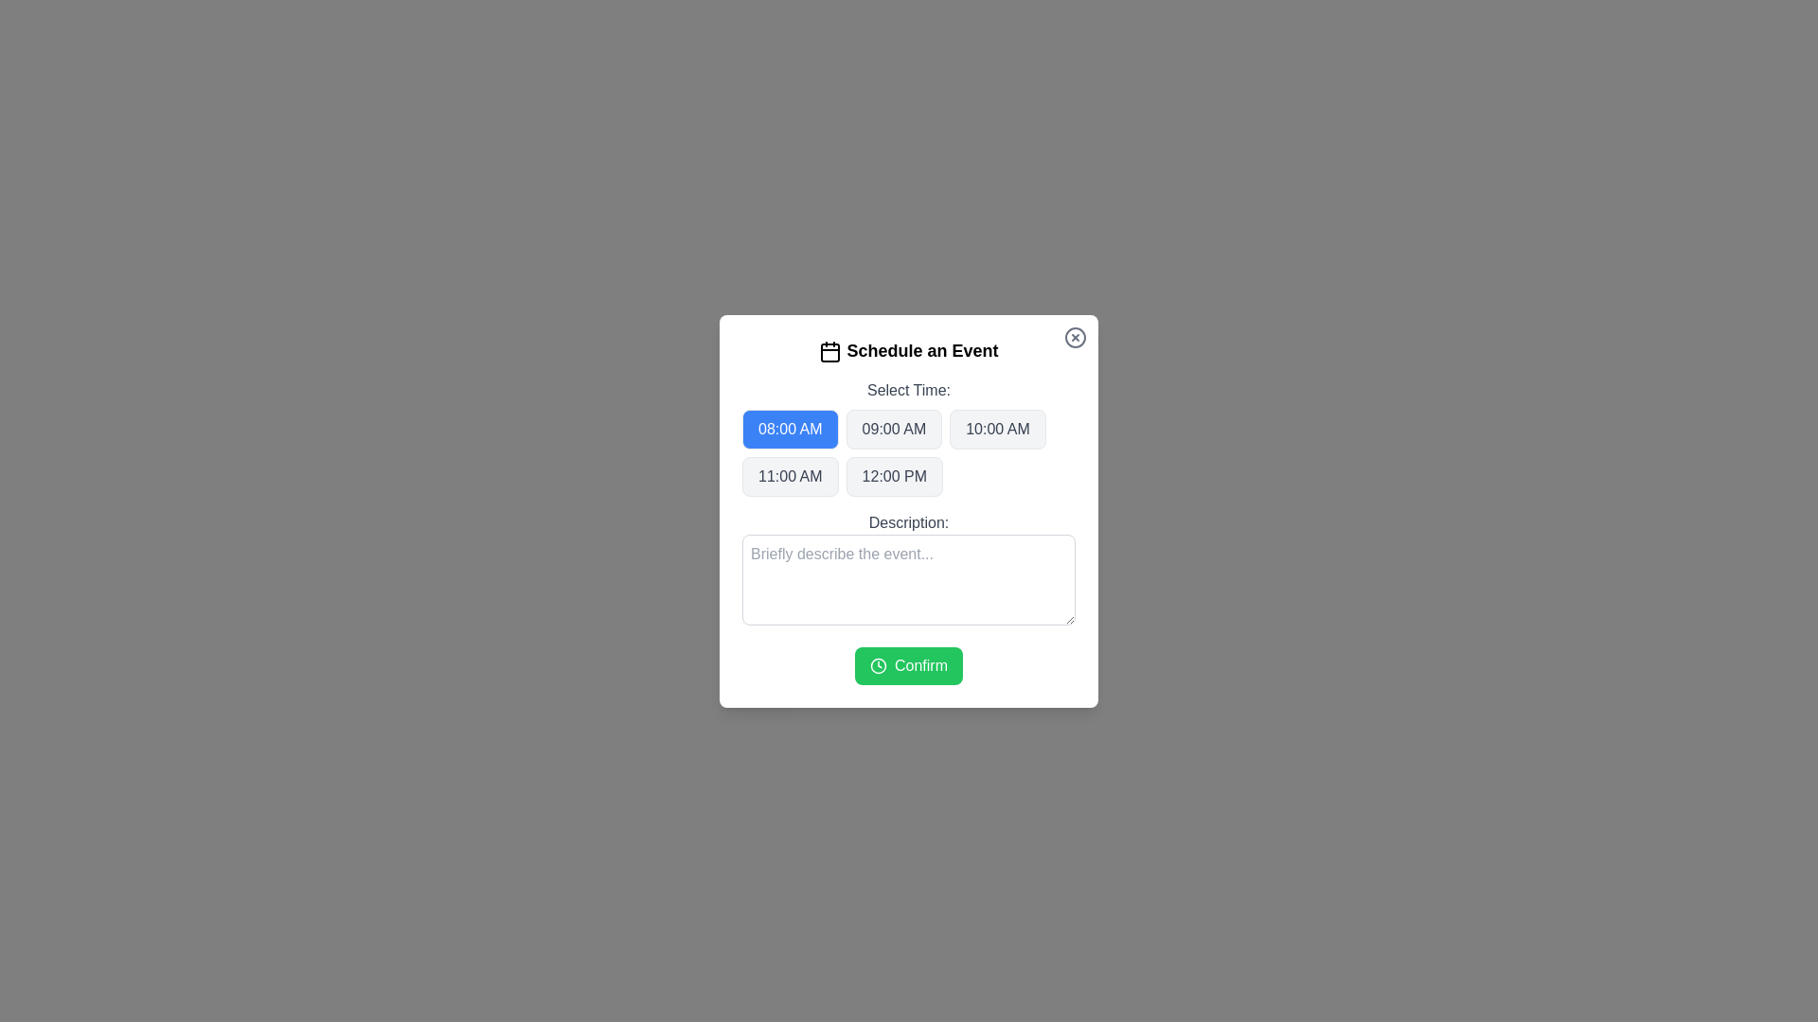  What do you see at coordinates (893, 475) in the screenshot?
I see `the fifth time selection button located below the '09:00 AM' button and to the right of the '11:00 AM' button to set the time to '12:00 PM'` at bounding box center [893, 475].